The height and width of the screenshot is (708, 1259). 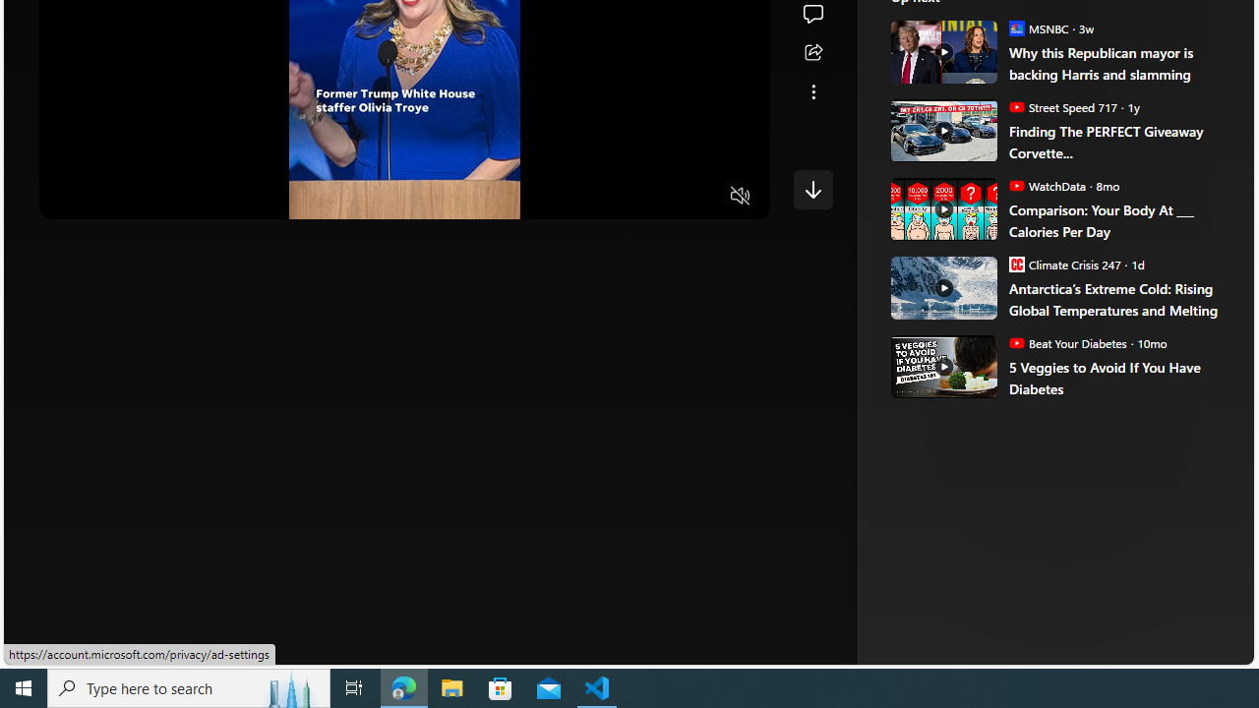 What do you see at coordinates (1046, 185) in the screenshot?
I see `'WatchData WatchData'` at bounding box center [1046, 185].